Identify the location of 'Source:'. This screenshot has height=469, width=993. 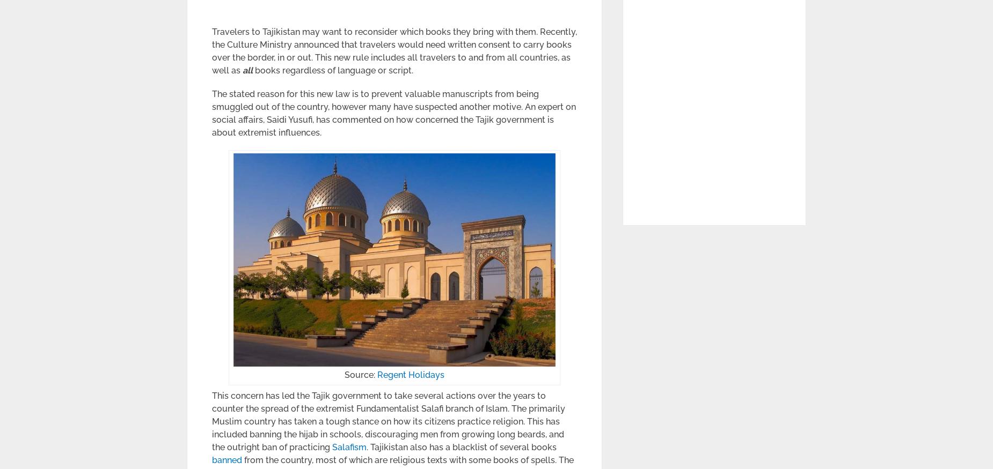
(361, 375).